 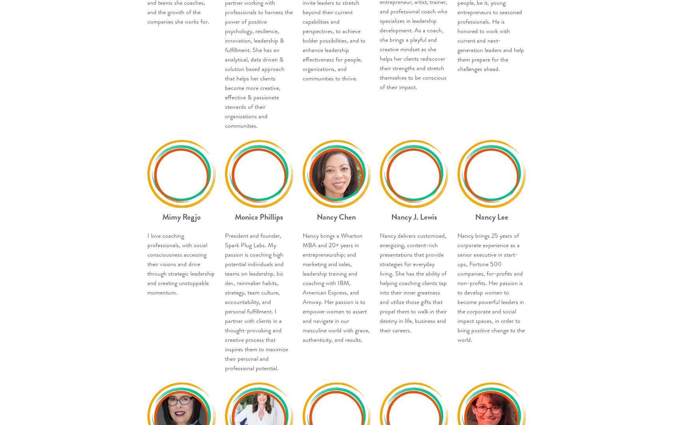 I want to click on 'Mimy Regjo', so click(x=181, y=216).